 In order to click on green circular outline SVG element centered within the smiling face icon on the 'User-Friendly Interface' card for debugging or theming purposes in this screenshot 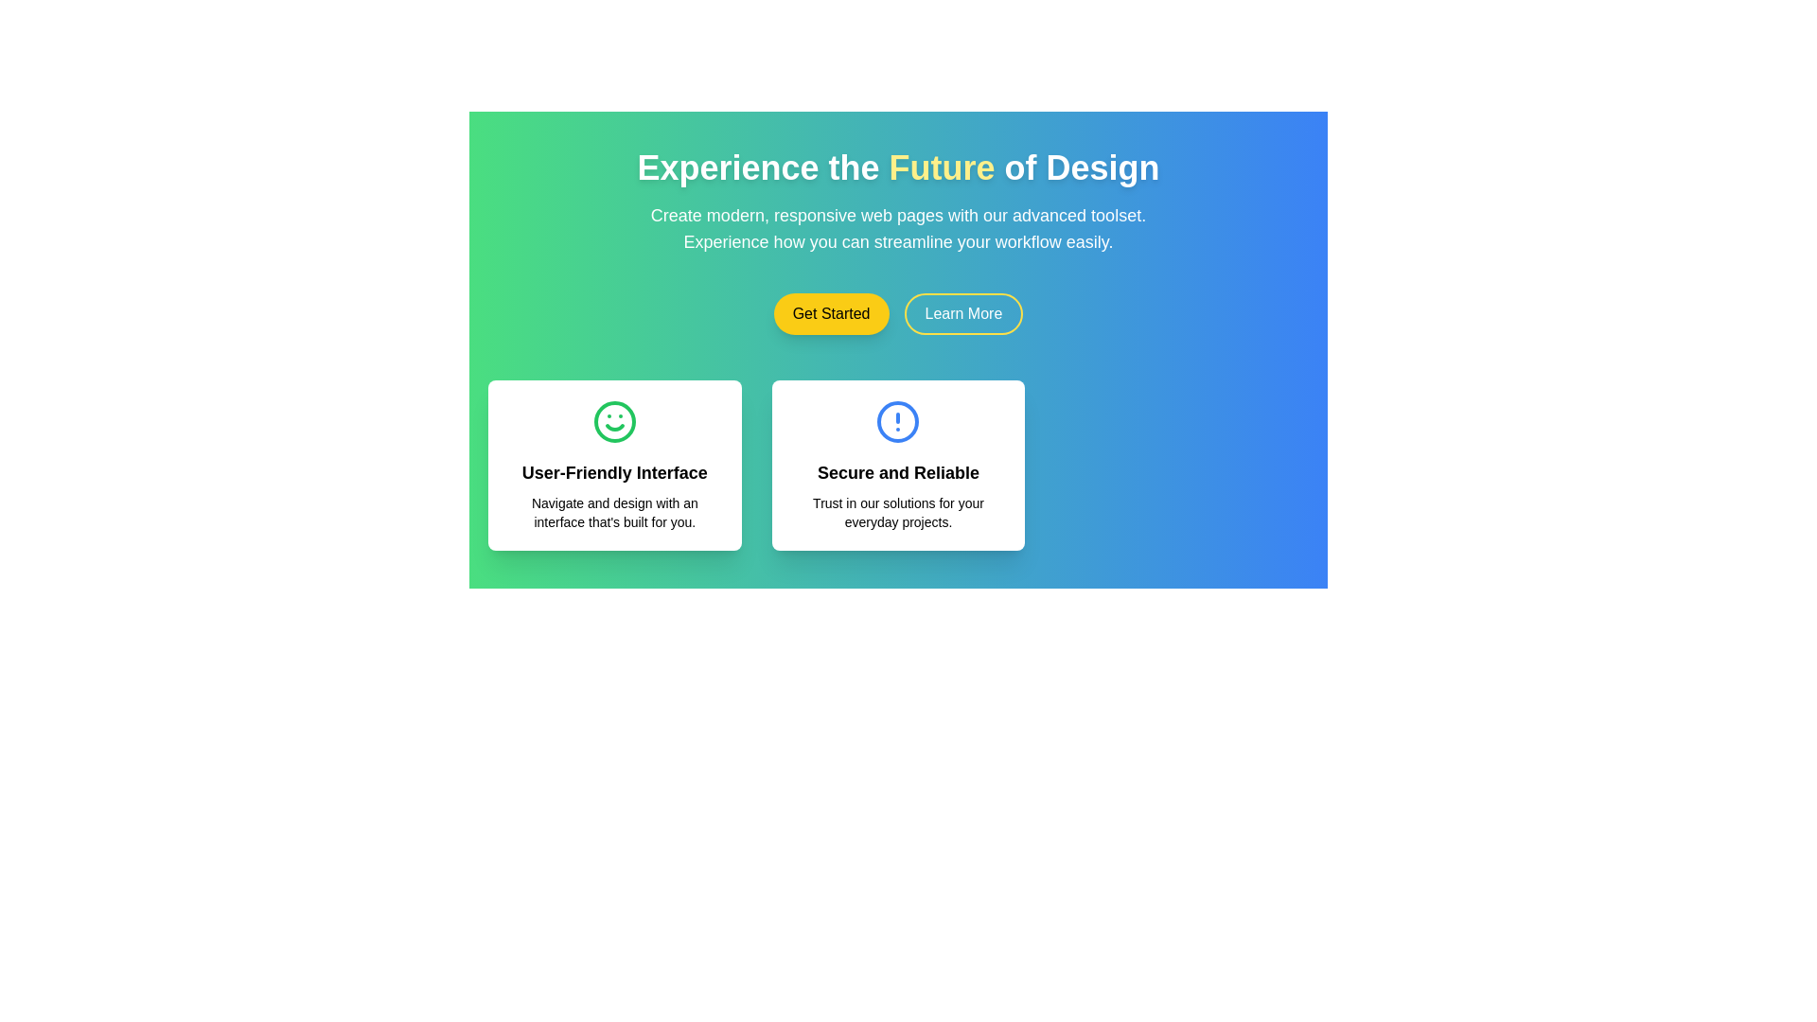, I will do `click(614, 421)`.